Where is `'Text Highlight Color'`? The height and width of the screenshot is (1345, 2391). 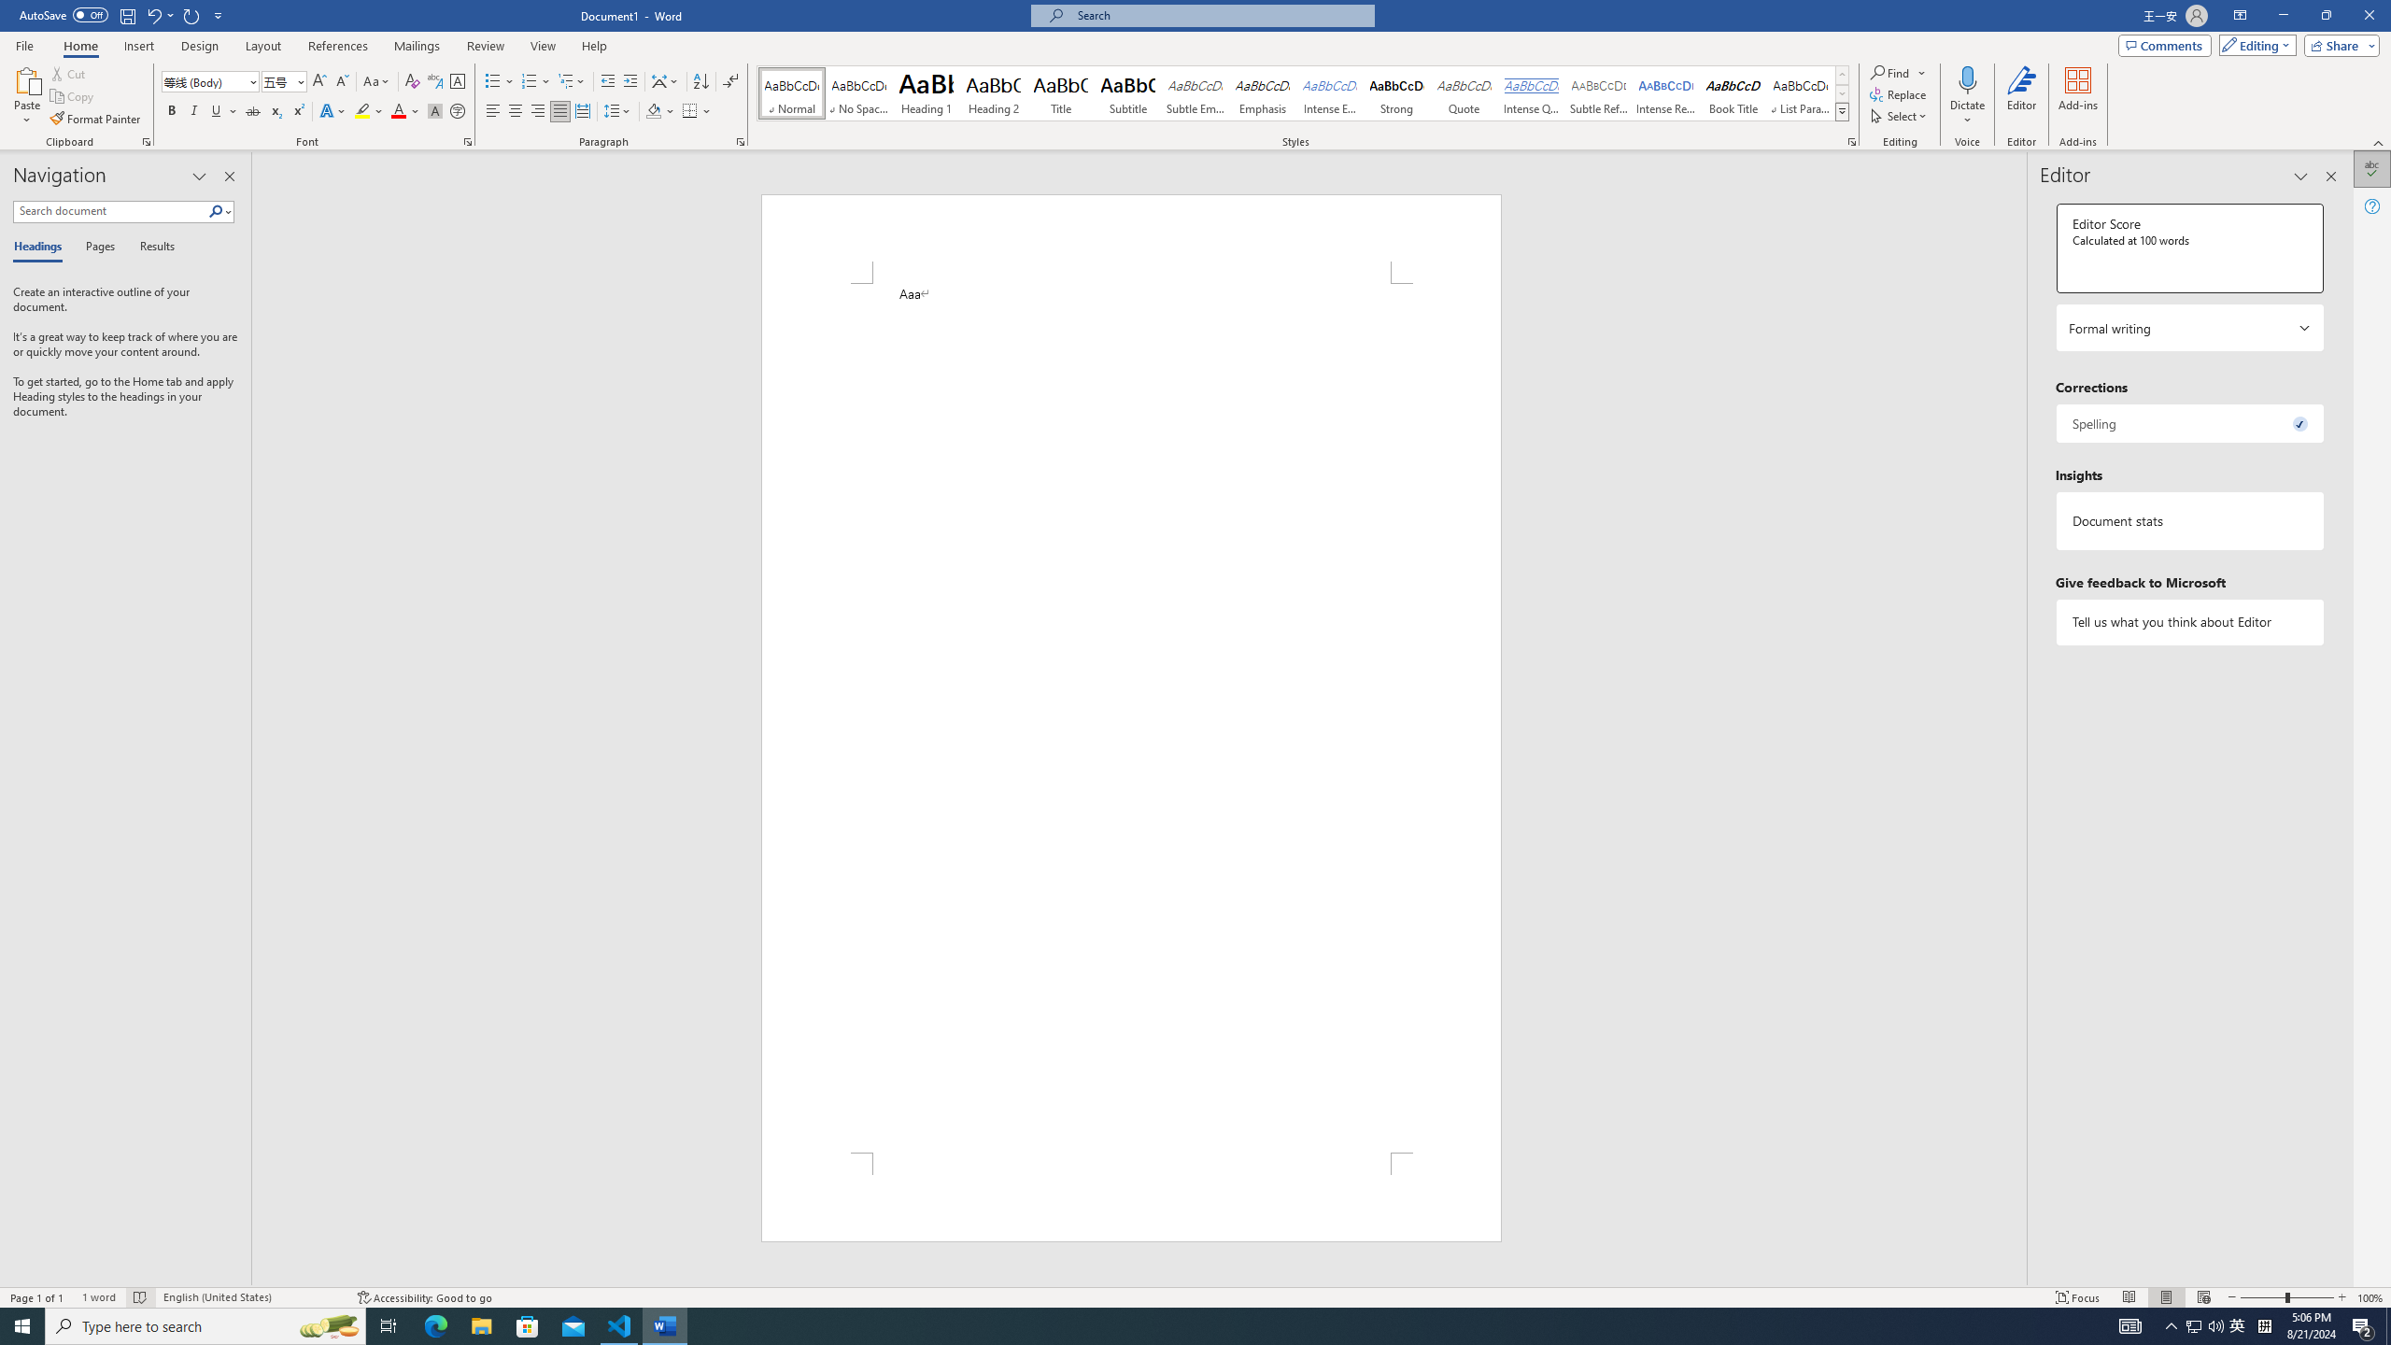 'Text Highlight Color' is located at coordinates (369, 110).